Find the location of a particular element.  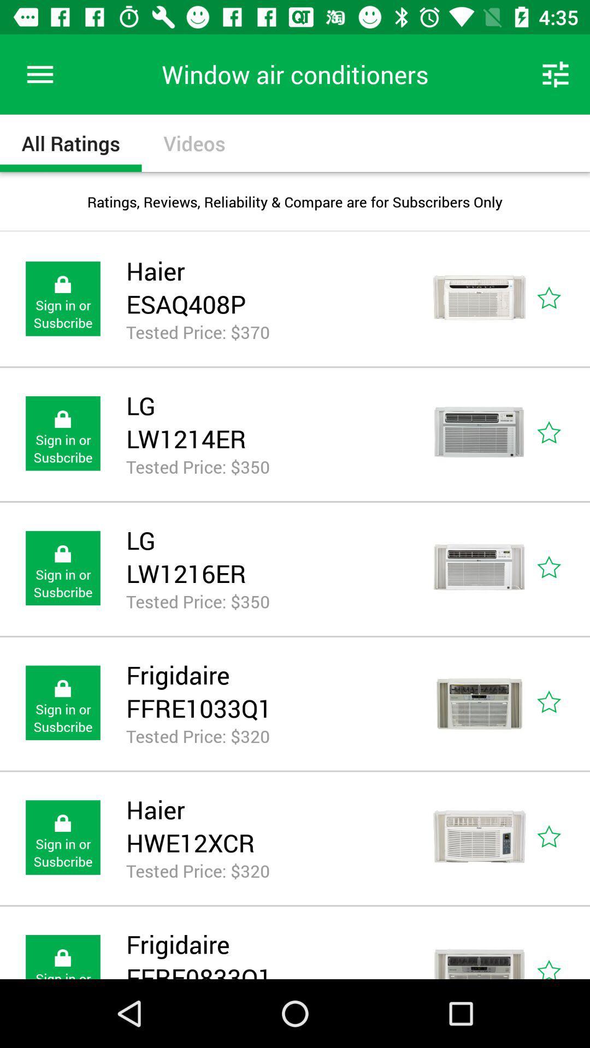

icon is located at coordinates (561, 299).